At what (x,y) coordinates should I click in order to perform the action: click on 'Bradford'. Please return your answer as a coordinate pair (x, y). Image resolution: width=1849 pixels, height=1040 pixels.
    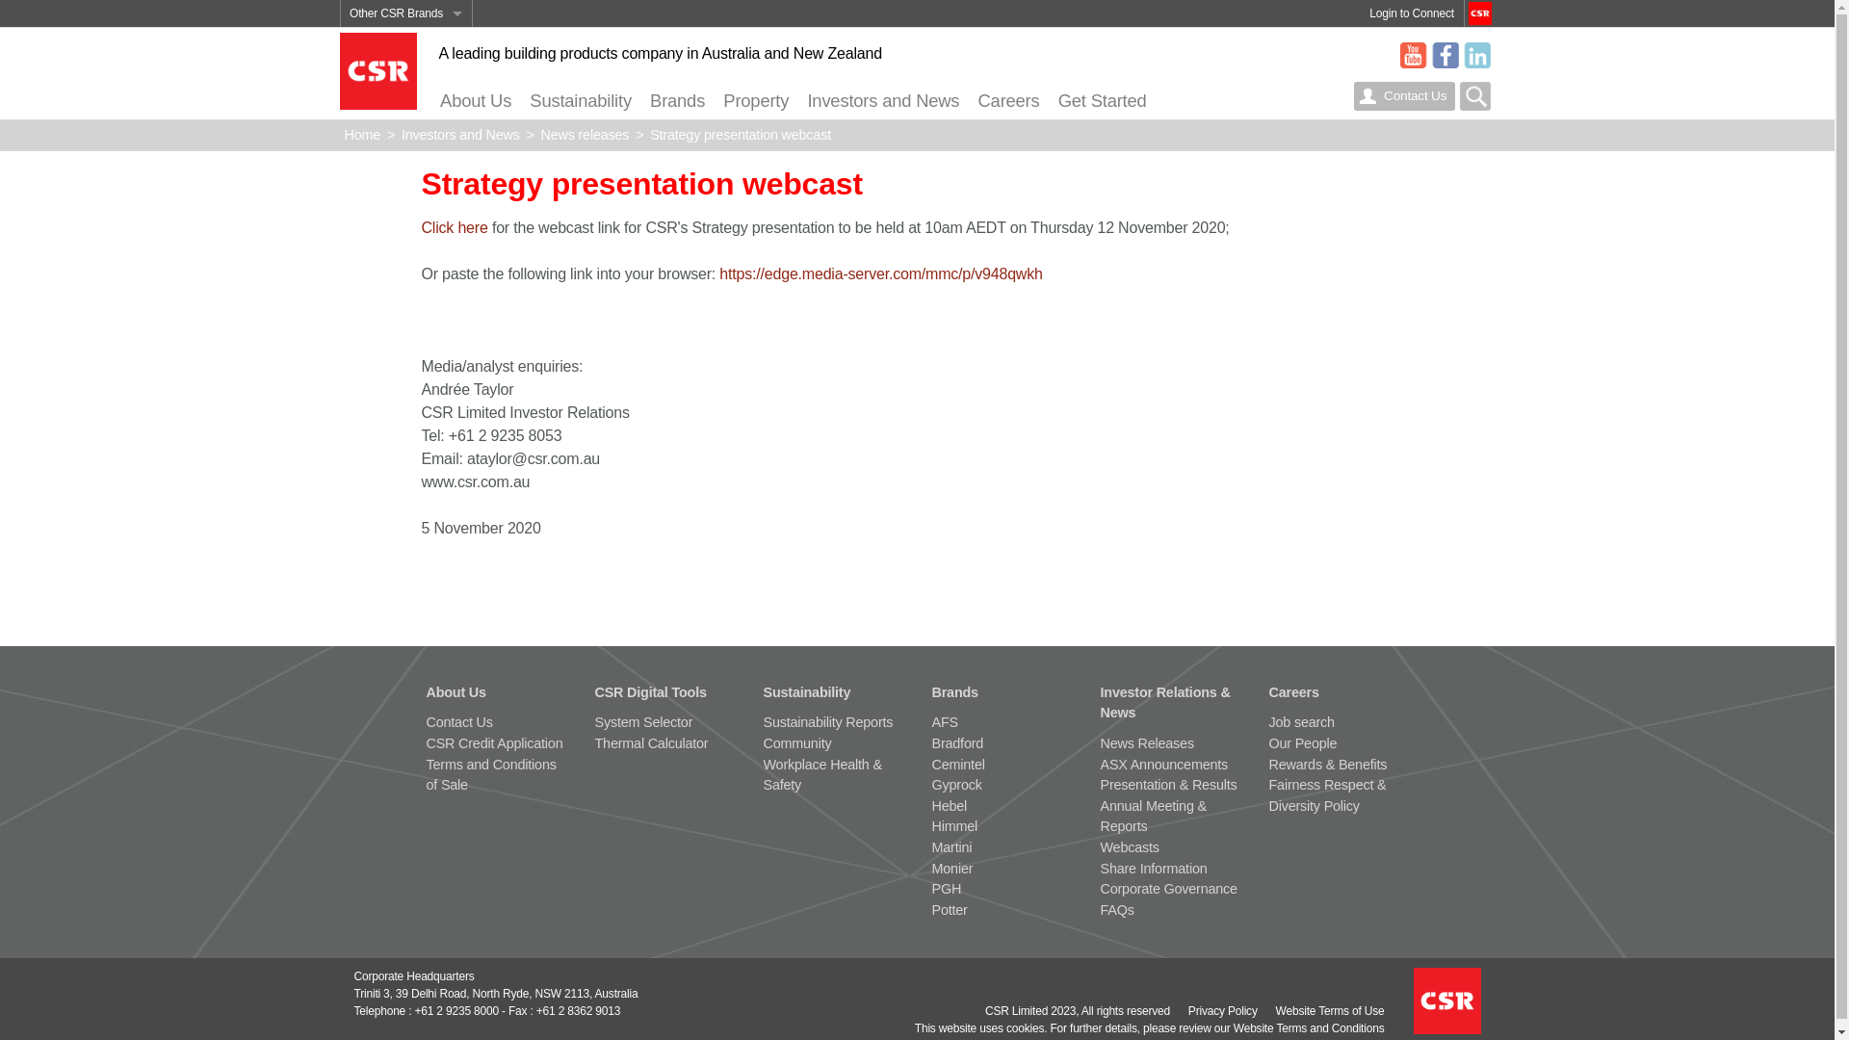
    Looking at the image, I should click on (957, 741).